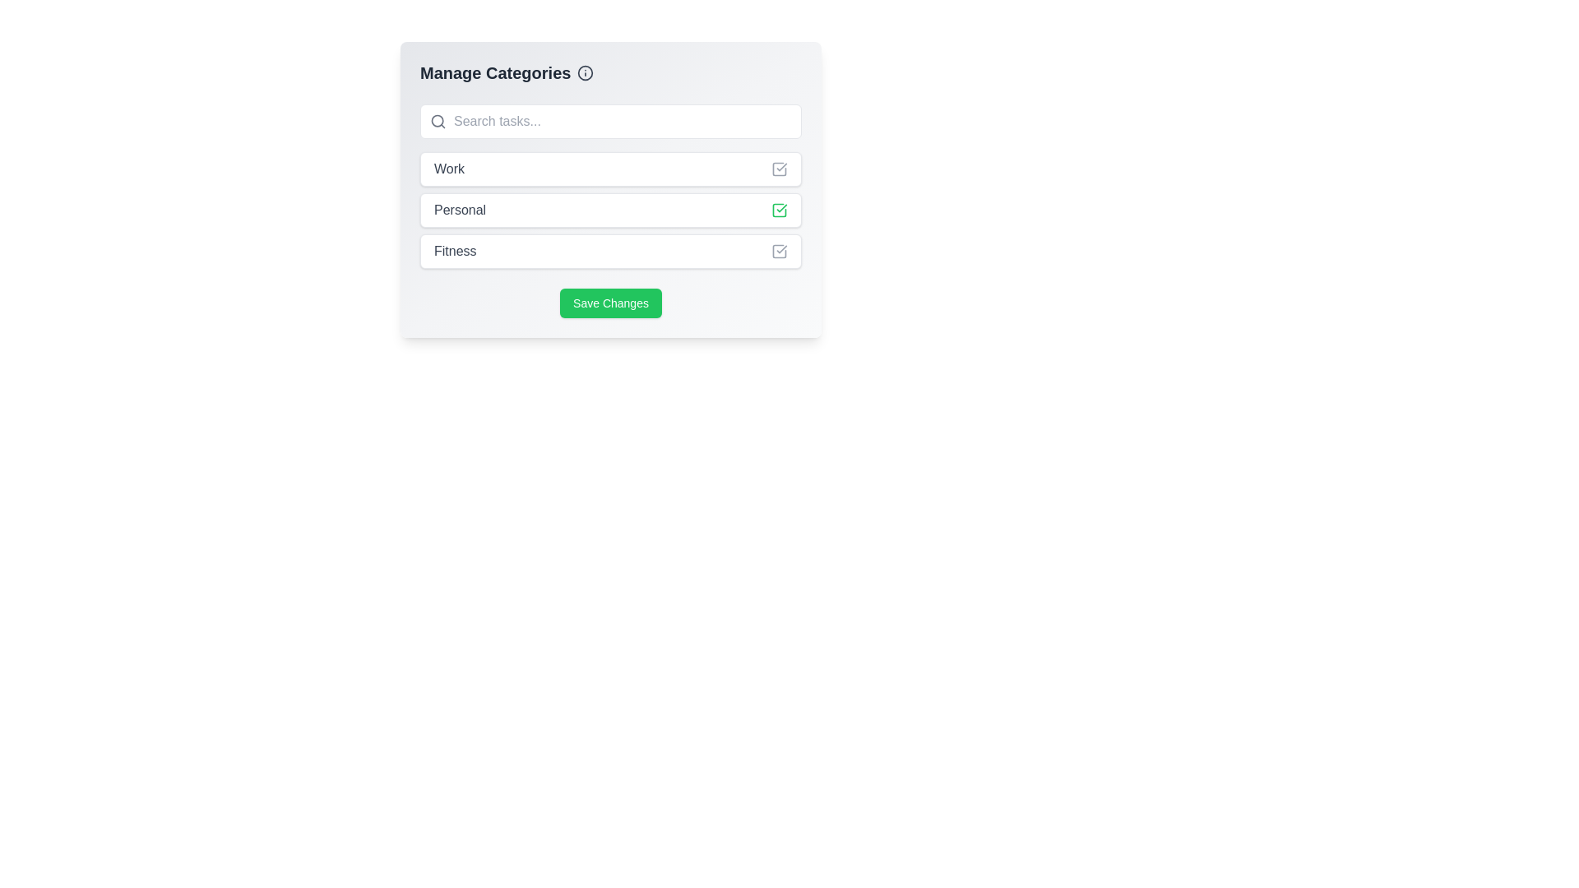  What do you see at coordinates (610, 169) in the screenshot?
I see `the first button in the 'Manage Categories' section that allows interaction with the 'Work' category` at bounding box center [610, 169].